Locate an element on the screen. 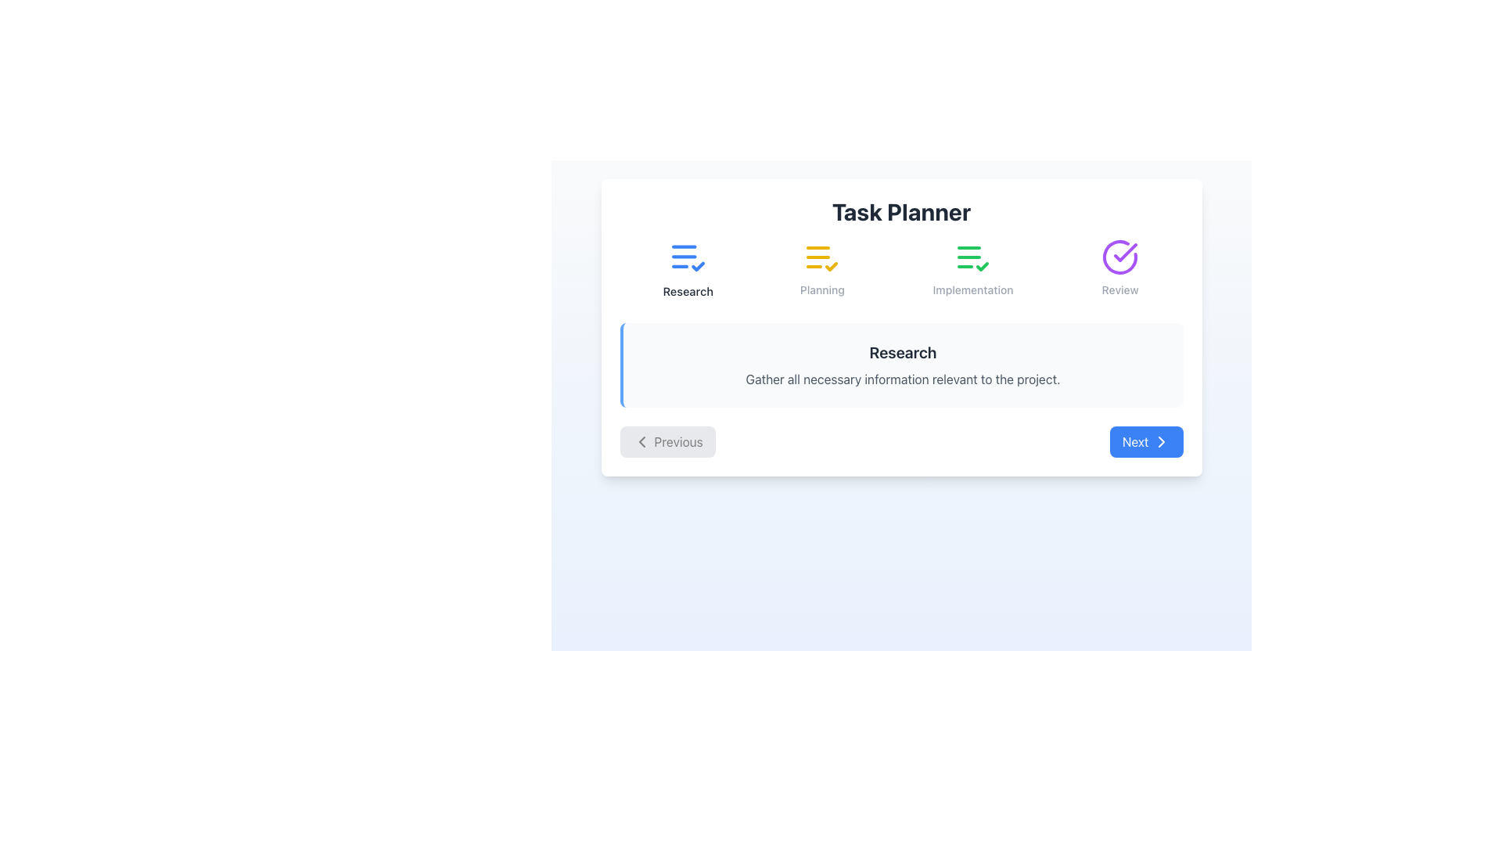 This screenshot has width=1502, height=845. the 'Research' icon located at the top of the first section, positioned to the left of the labels 'Planning', 'Implementation', and 'Review' is located at coordinates (688, 256).